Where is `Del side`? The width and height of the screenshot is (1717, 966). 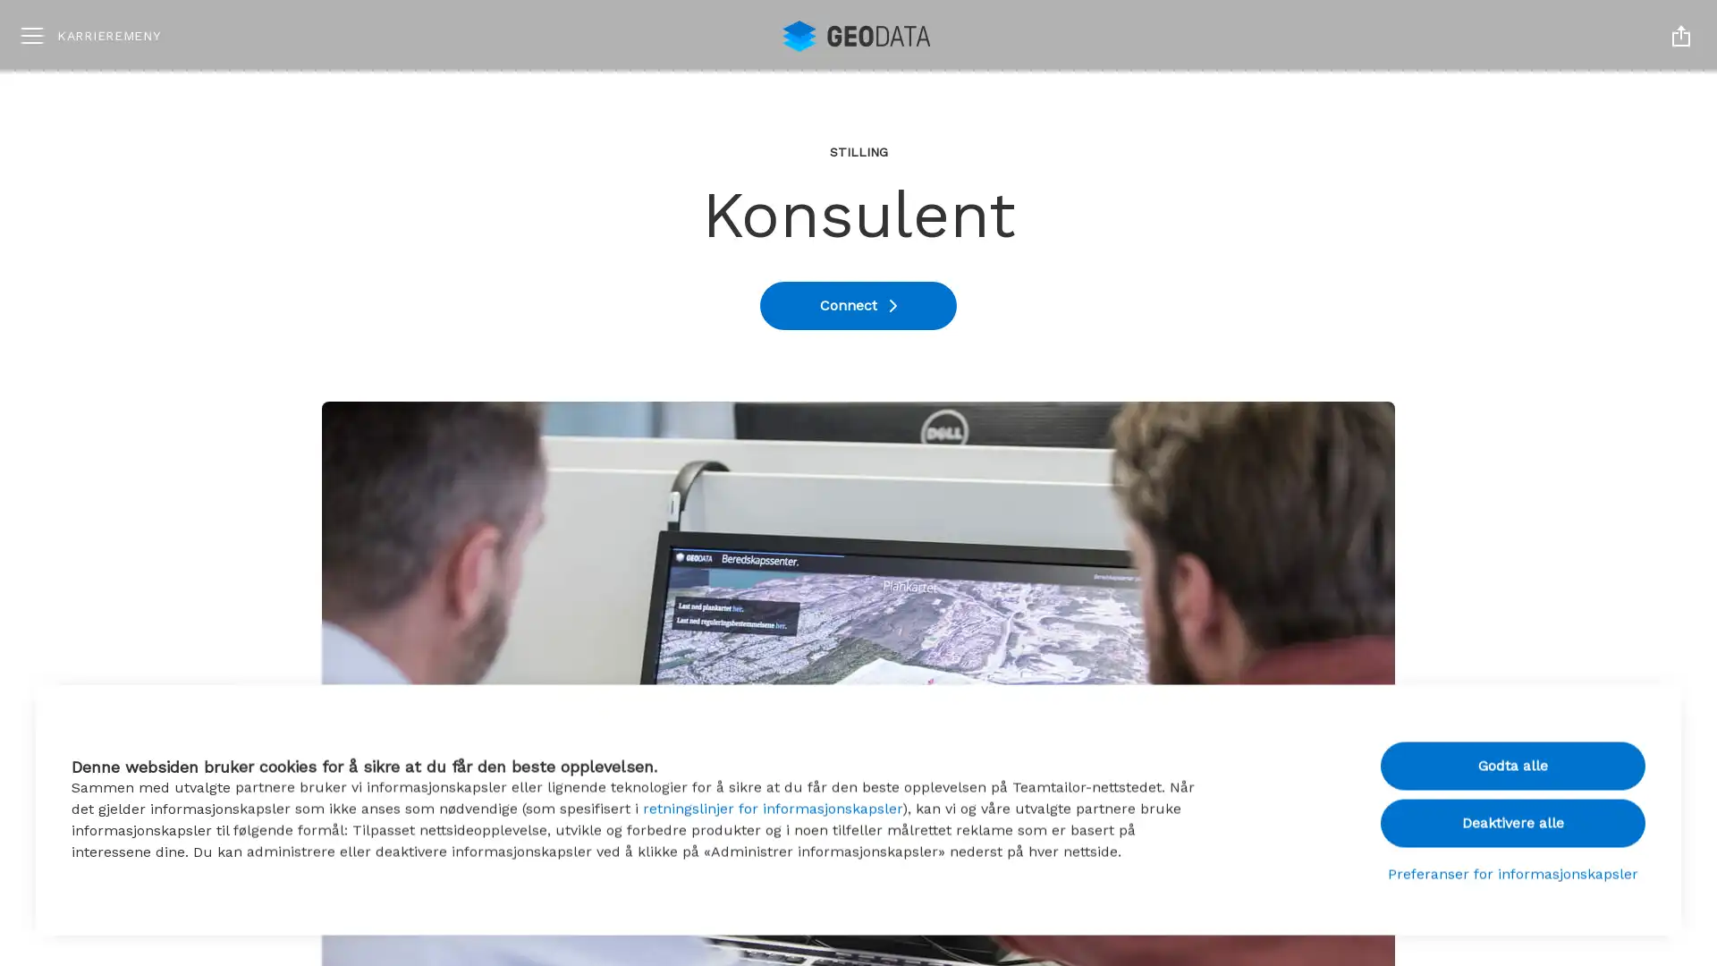 Del side is located at coordinates (1680, 35).